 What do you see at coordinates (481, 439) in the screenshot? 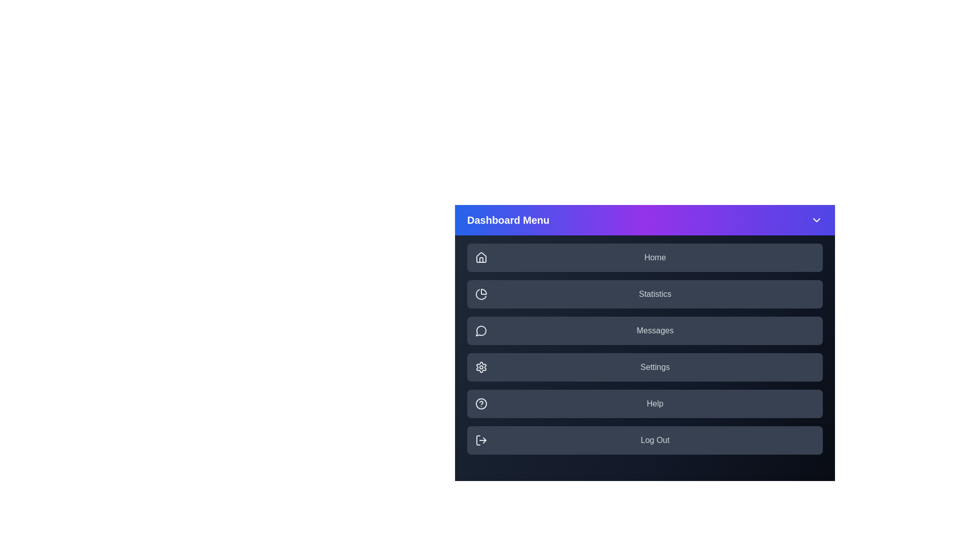
I see `the icon corresponding to the menu item Log Out` at bounding box center [481, 439].